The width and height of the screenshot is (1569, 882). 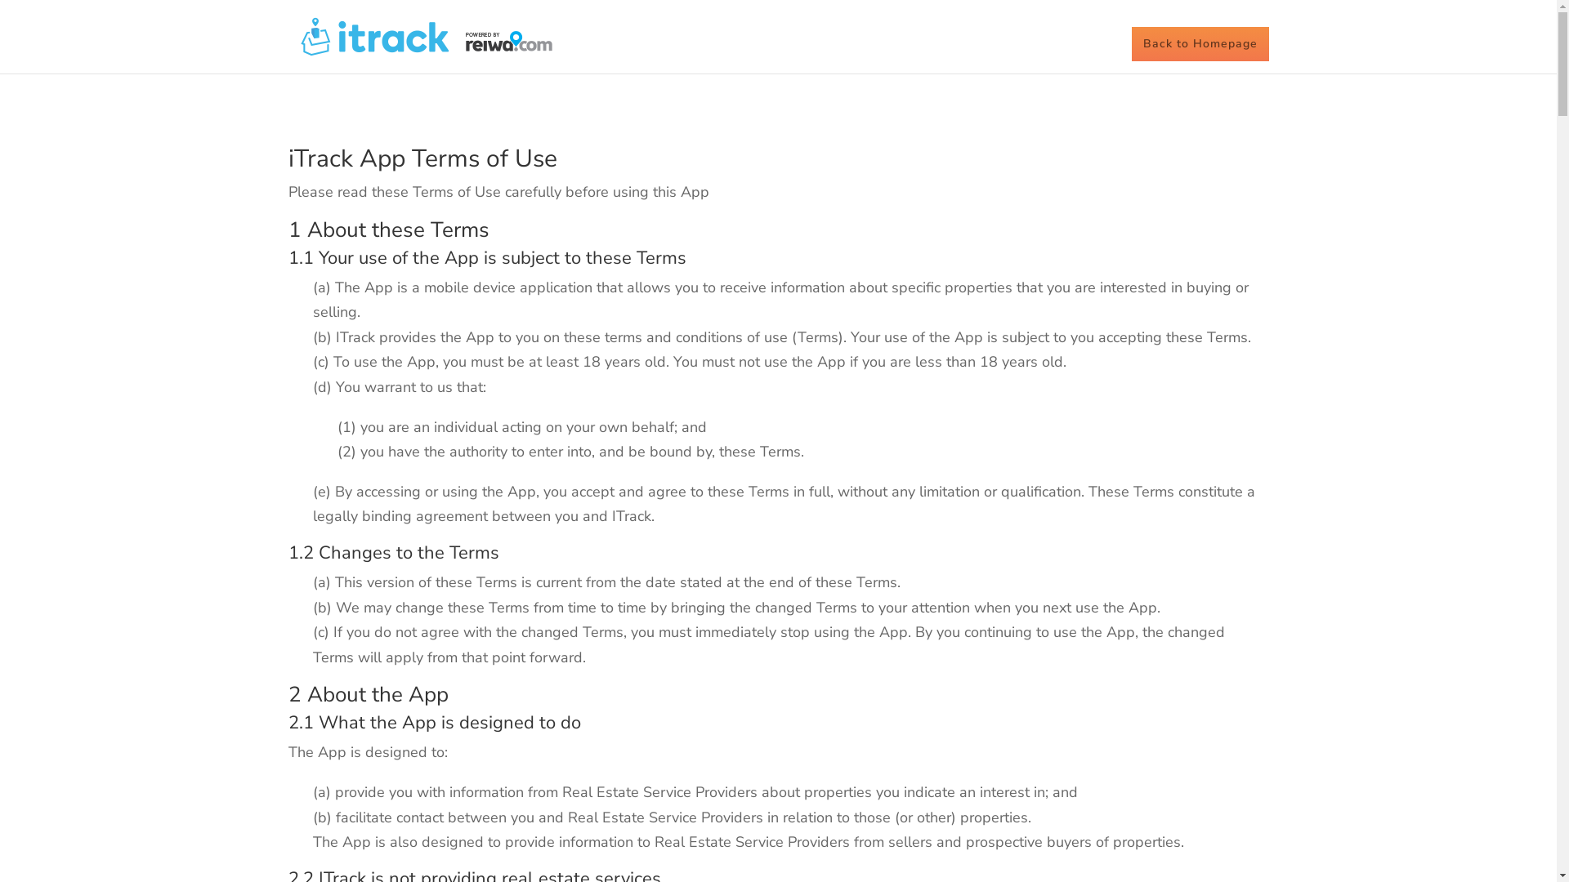 I want to click on 'Back to Homepage', so click(x=1200, y=43).